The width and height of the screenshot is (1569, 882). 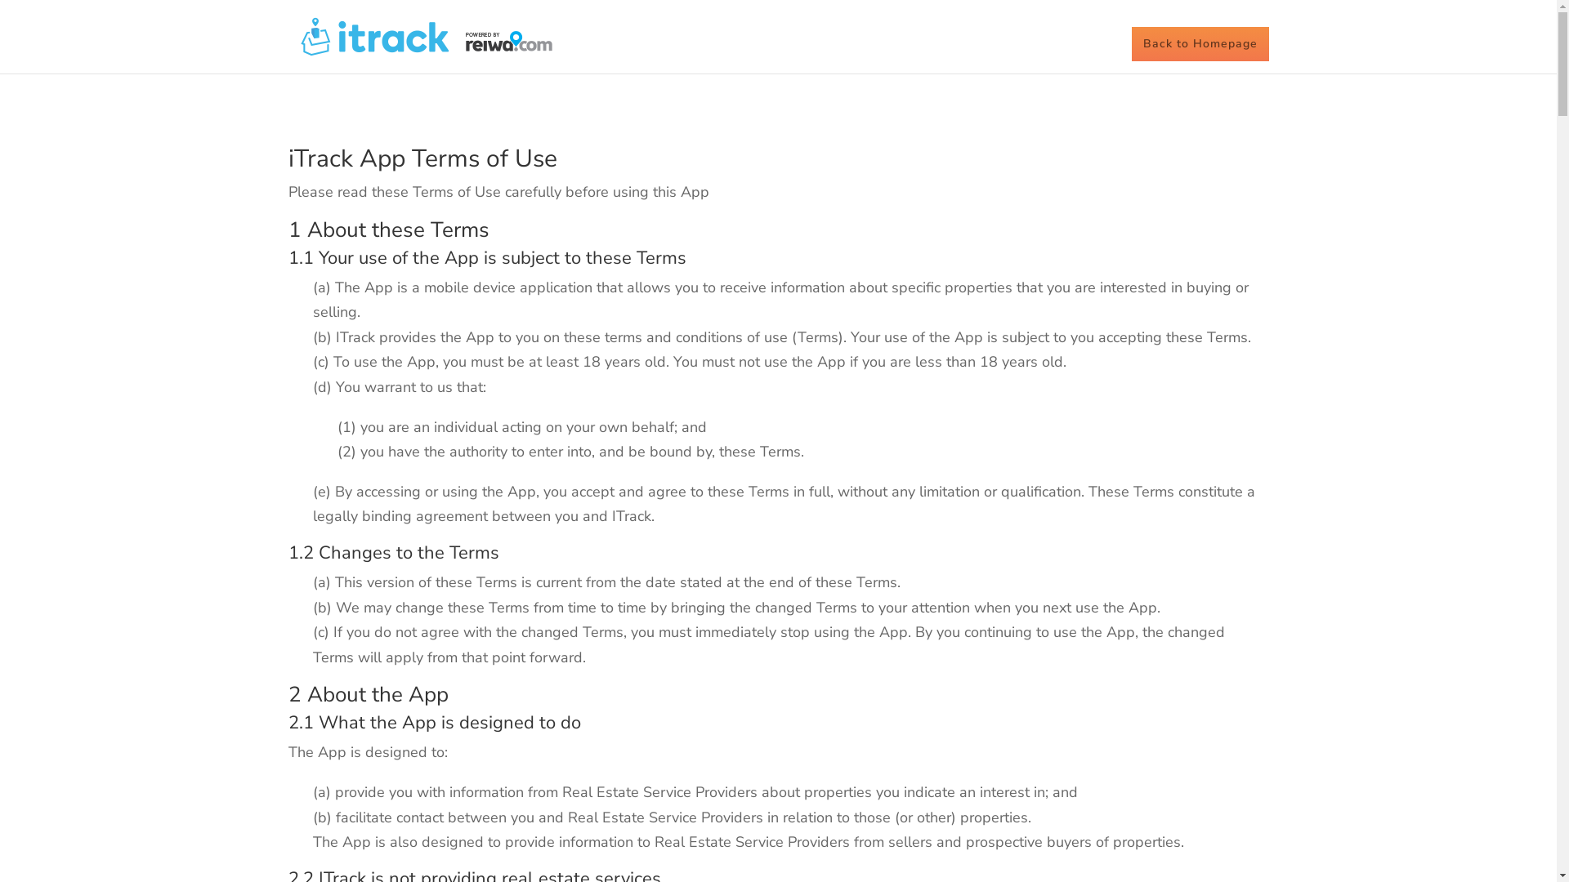 I want to click on 'Back to Homepage', so click(x=1200, y=43).